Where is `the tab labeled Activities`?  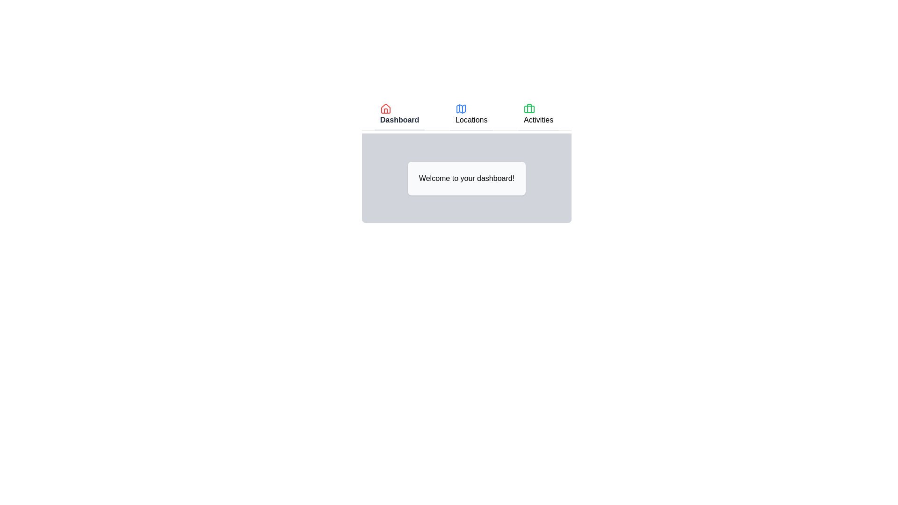 the tab labeled Activities is located at coordinates (538, 115).